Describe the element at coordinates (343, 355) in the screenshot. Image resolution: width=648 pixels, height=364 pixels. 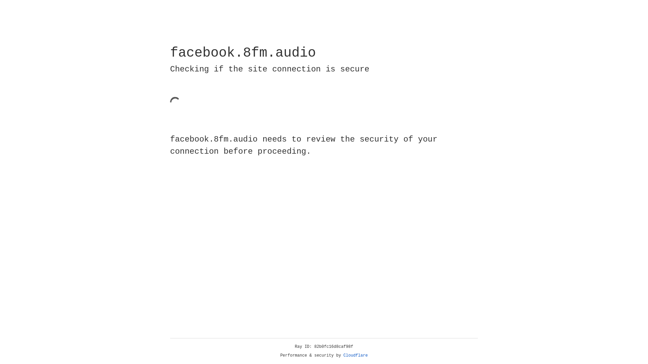
I see `'Cloudflare'` at that location.